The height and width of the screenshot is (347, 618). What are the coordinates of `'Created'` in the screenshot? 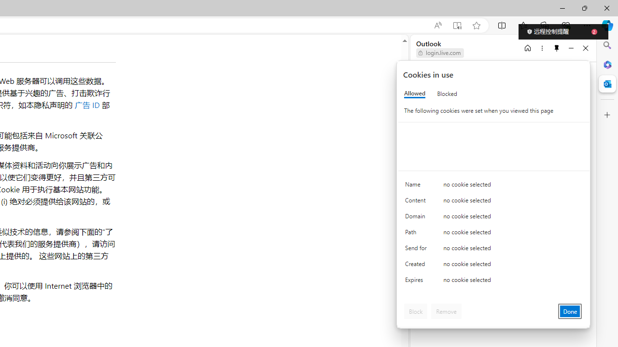 It's located at (418, 266).